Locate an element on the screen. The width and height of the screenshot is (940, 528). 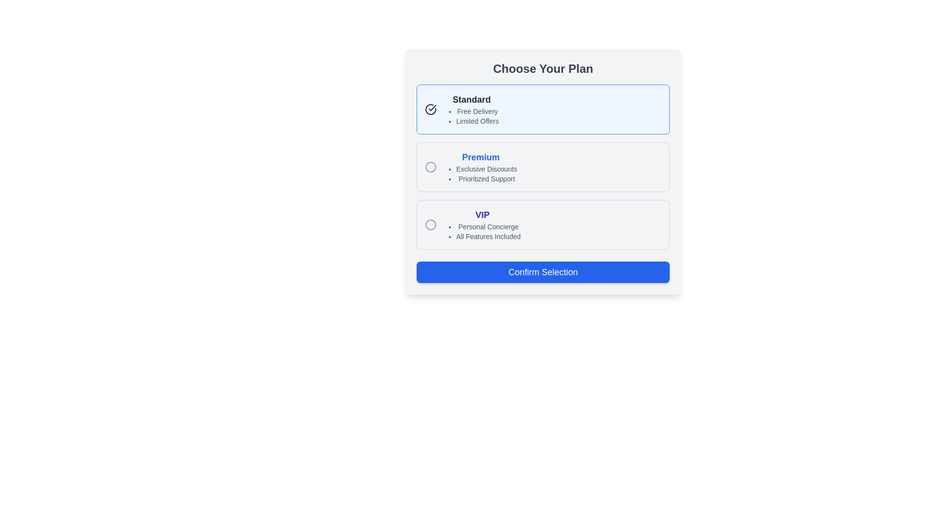
the heading text 'Choose Your Plan', which is styled with large, bold, dark gray font and is positioned at the top of a plan selection card is located at coordinates (542, 68).